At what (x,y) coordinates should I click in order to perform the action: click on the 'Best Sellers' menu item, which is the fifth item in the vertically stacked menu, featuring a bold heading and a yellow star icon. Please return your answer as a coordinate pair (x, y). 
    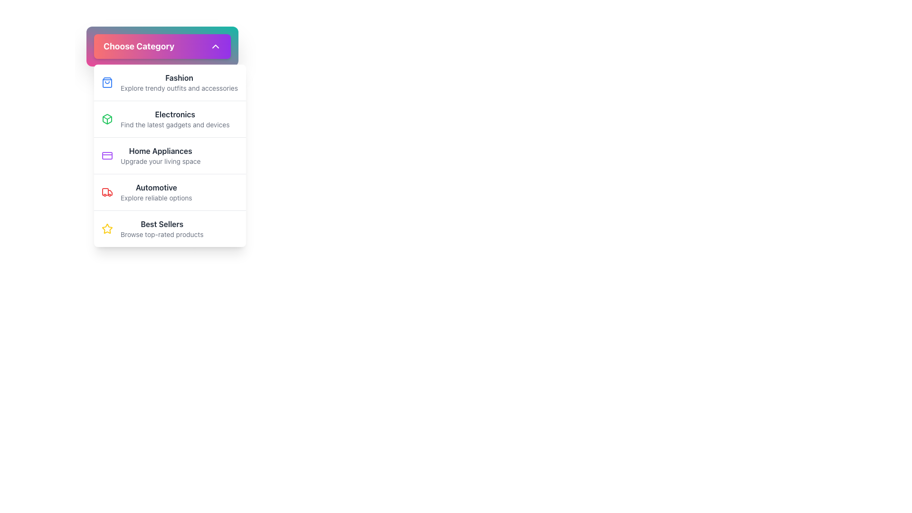
    Looking at the image, I should click on (170, 228).